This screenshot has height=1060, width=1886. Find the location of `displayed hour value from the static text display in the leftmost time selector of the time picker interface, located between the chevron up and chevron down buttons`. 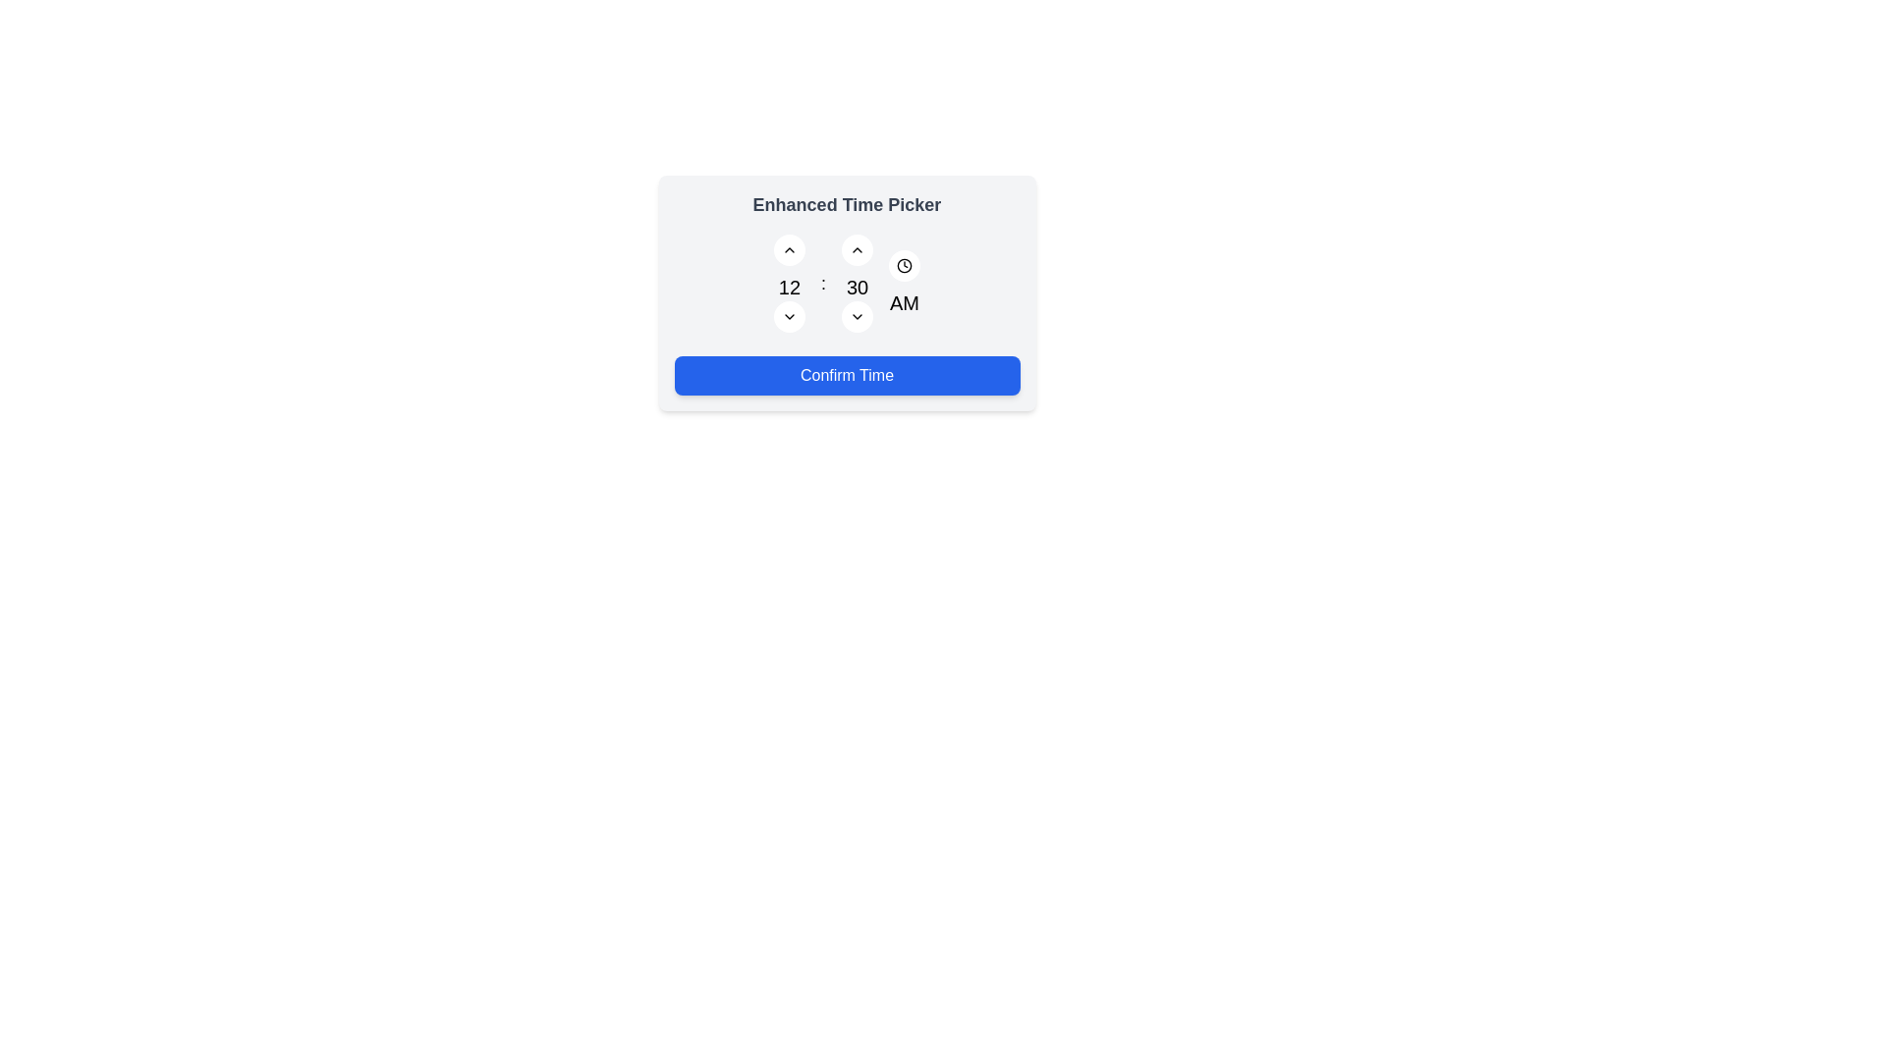

displayed hour value from the static text display in the leftmost time selector of the time picker interface, located between the chevron up and chevron down buttons is located at coordinates (789, 284).